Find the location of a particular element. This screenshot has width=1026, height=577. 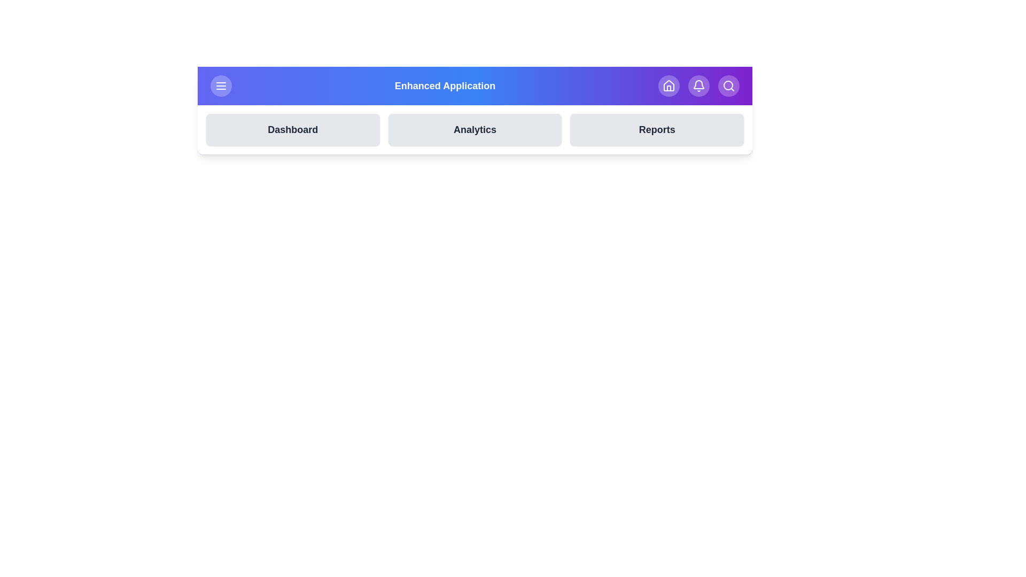

the button labeled Home to observe the visual feedback is located at coordinates (669, 85).